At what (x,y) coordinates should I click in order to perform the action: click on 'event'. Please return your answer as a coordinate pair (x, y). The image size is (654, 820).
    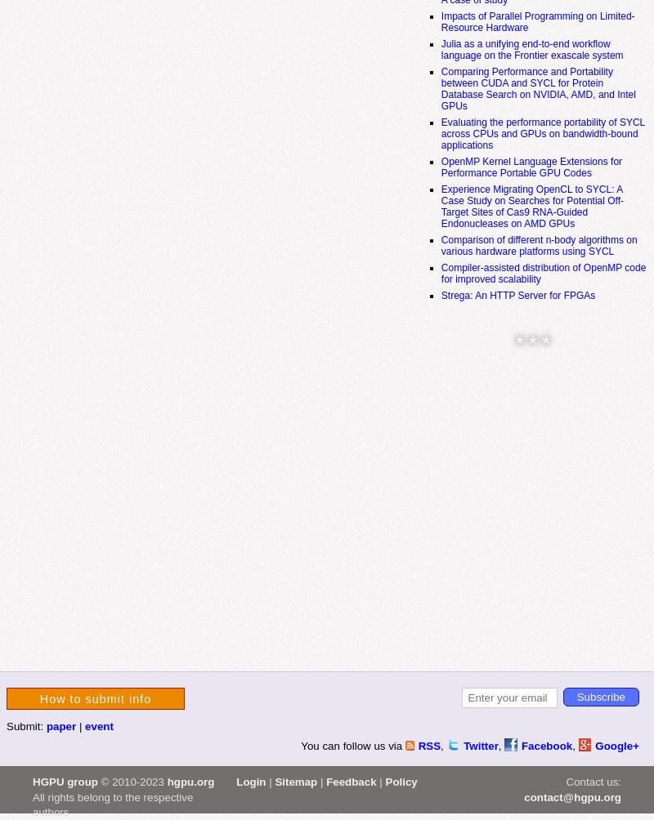
    Looking at the image, I should click on (84, 724).